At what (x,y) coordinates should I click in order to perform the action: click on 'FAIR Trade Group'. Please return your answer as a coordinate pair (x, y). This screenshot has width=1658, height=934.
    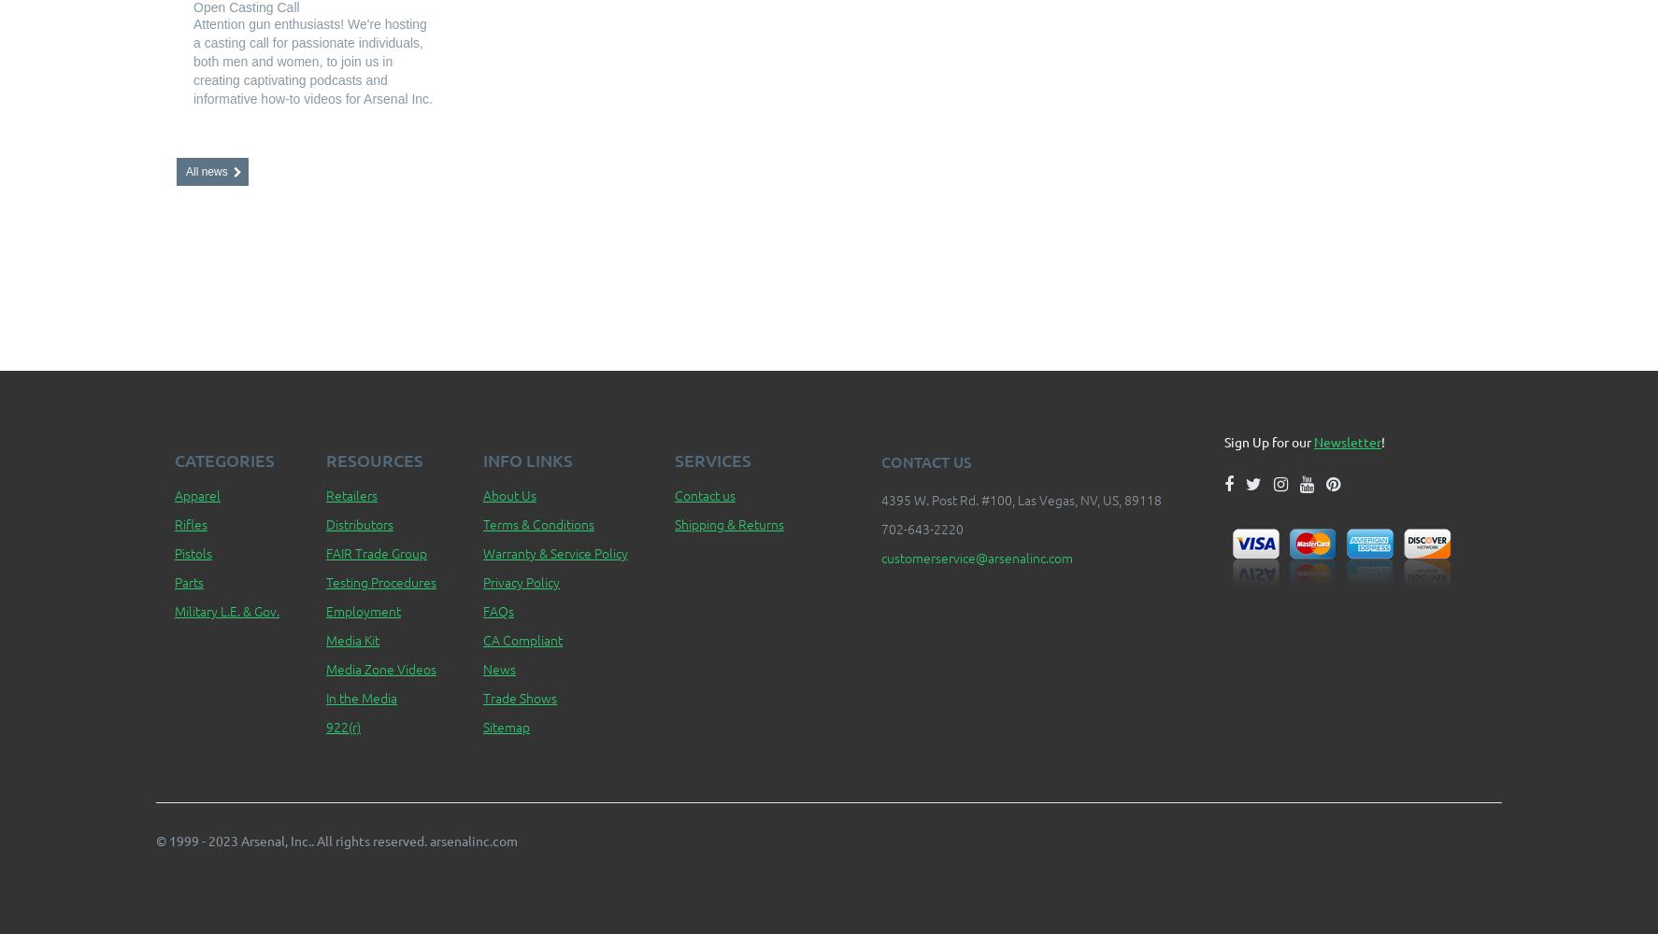
    Looking at the image, I should click on (376, 552).